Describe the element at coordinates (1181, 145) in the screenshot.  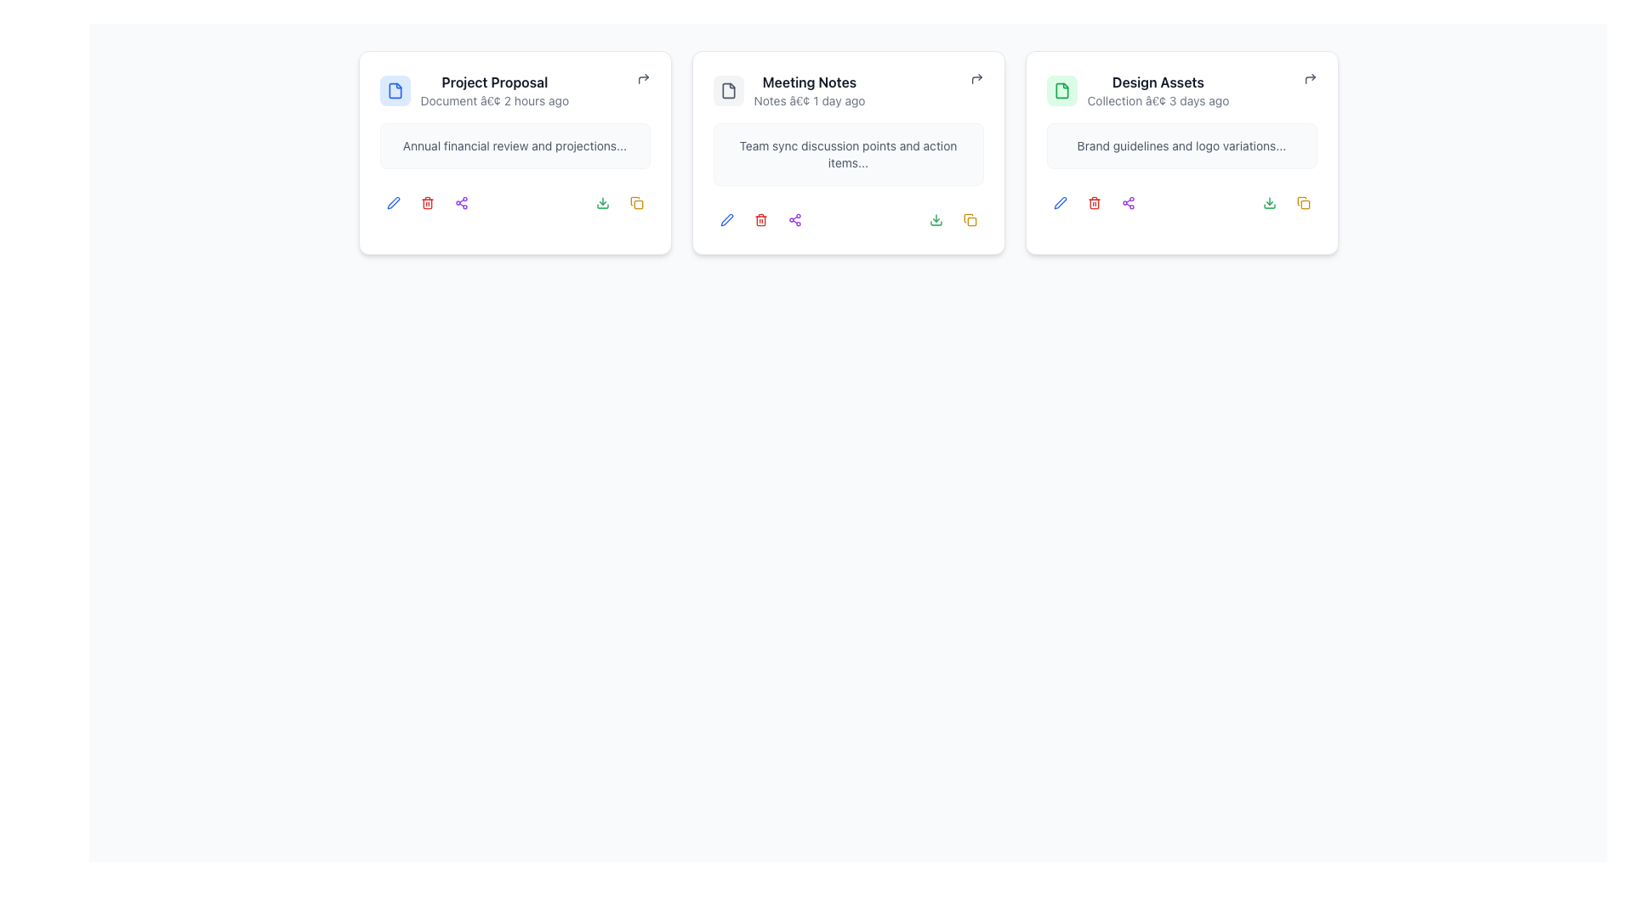
I see `the text label at the center of the 'Design Assets' card` at that location.